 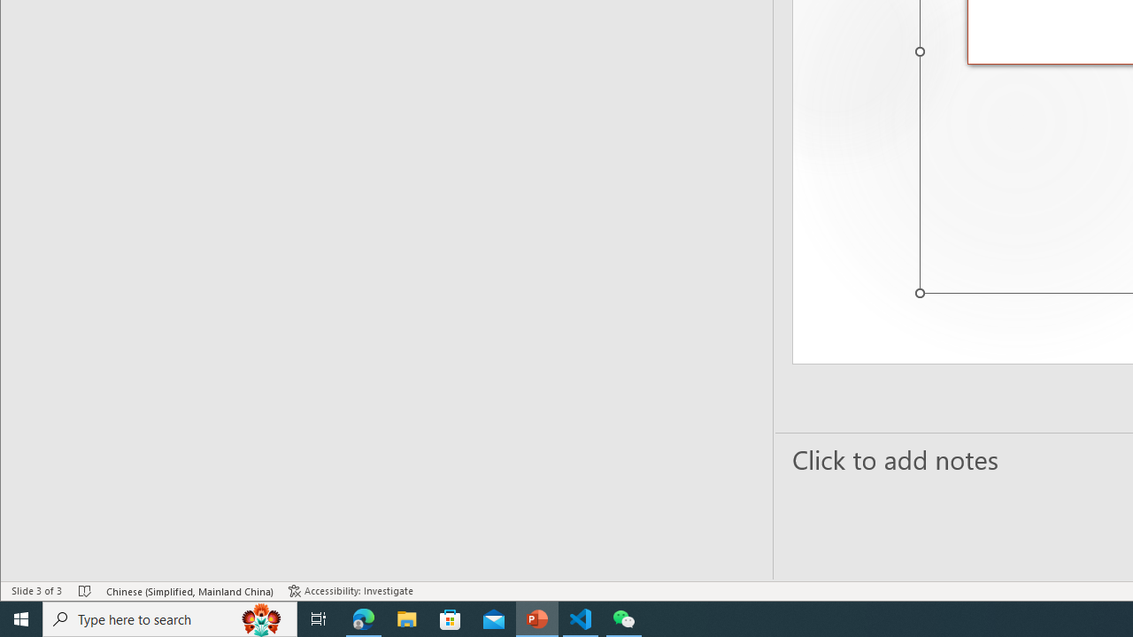 I want to click on 'Microsoft Edge - 1 running window', so click(x=363, y=618).